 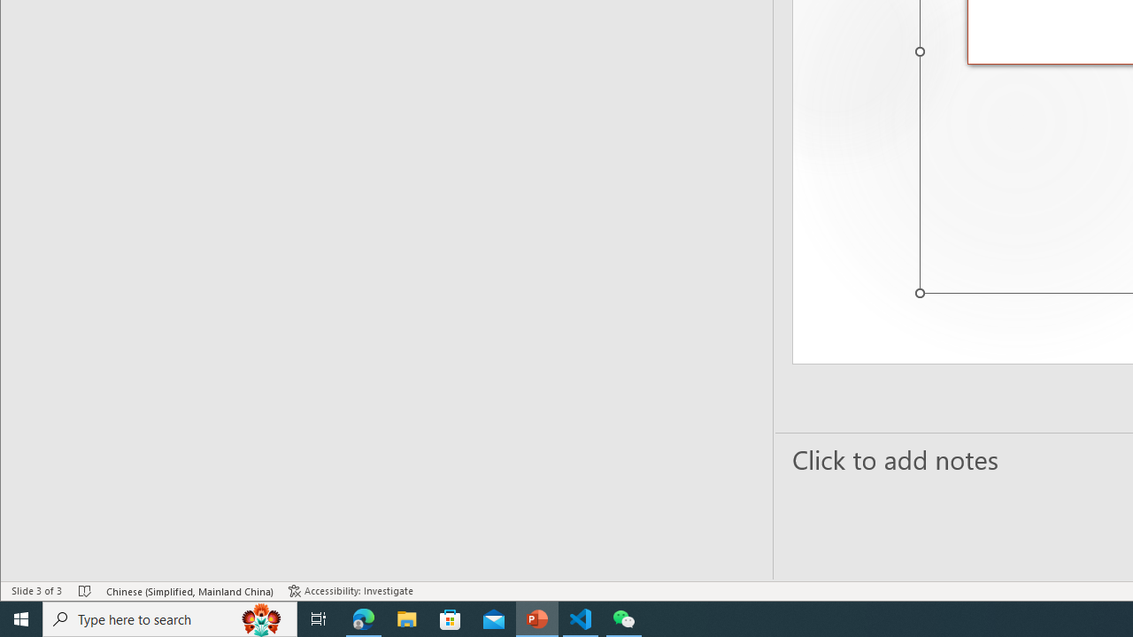 I want to click on 'Microsoft Edge - 1 running window', so click(x=363, y=618).